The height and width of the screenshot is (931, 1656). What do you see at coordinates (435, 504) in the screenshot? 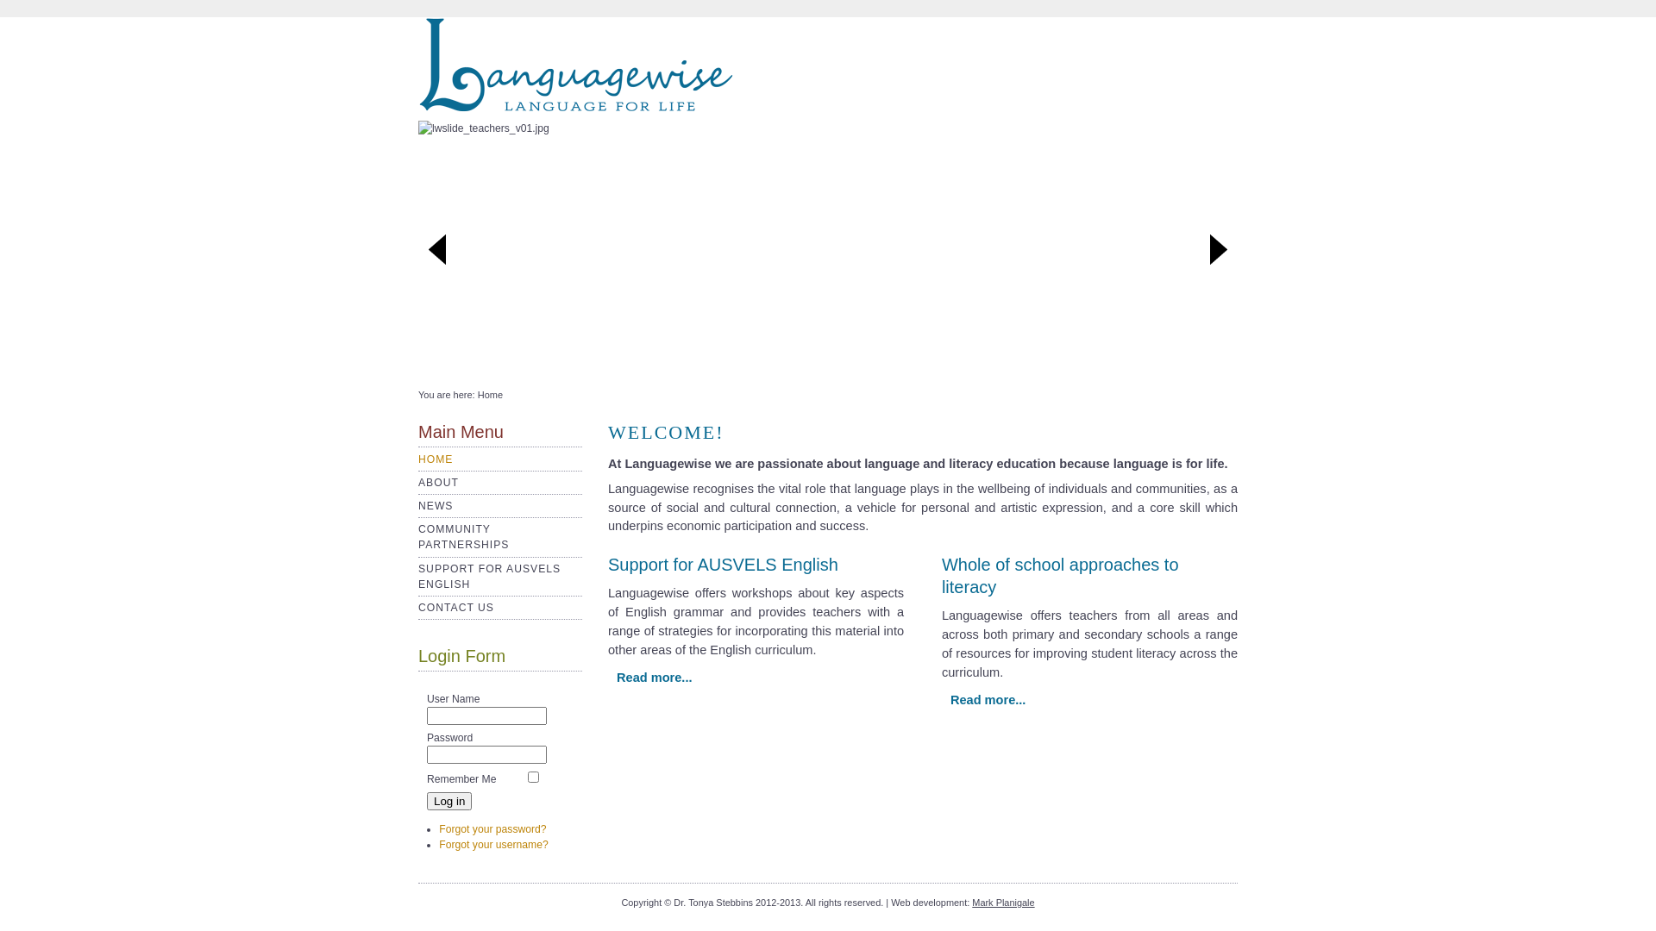
I see `'NEWS'` at bounding box center [435, 504].